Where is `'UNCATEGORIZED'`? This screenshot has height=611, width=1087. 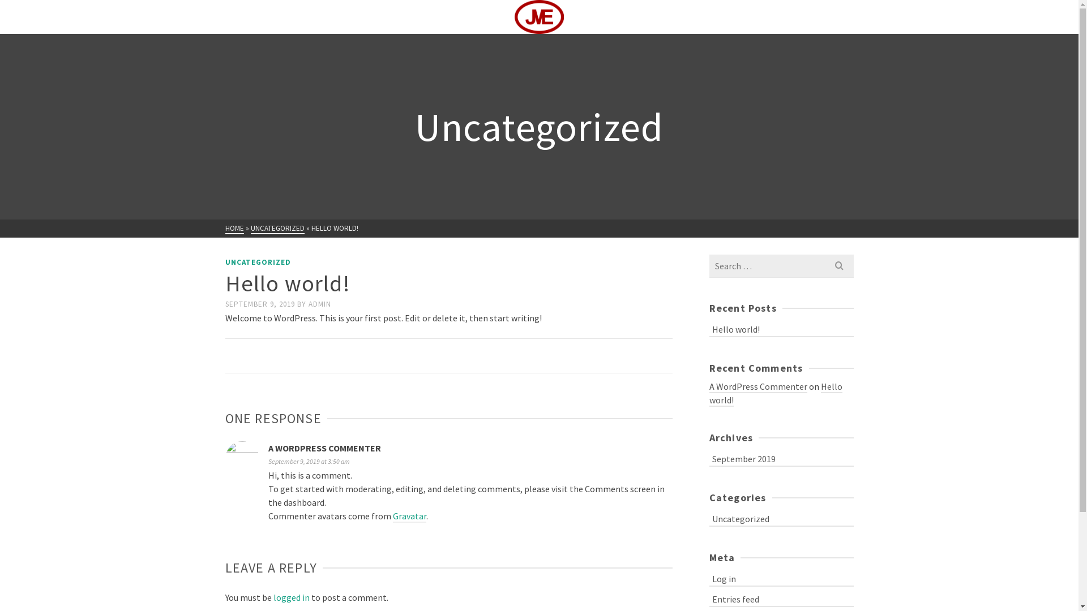
'UNCATEGORIZED' is located at coordinates (277, 229).